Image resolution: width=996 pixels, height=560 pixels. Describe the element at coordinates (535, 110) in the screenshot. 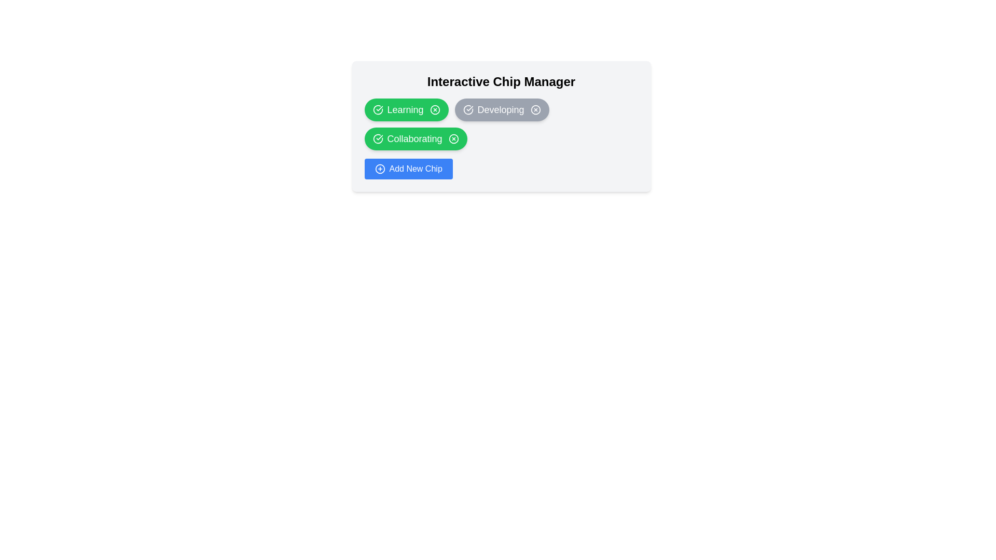

I see `the close/remove icon button located at the far right of the 'Developing' chip` at that location.